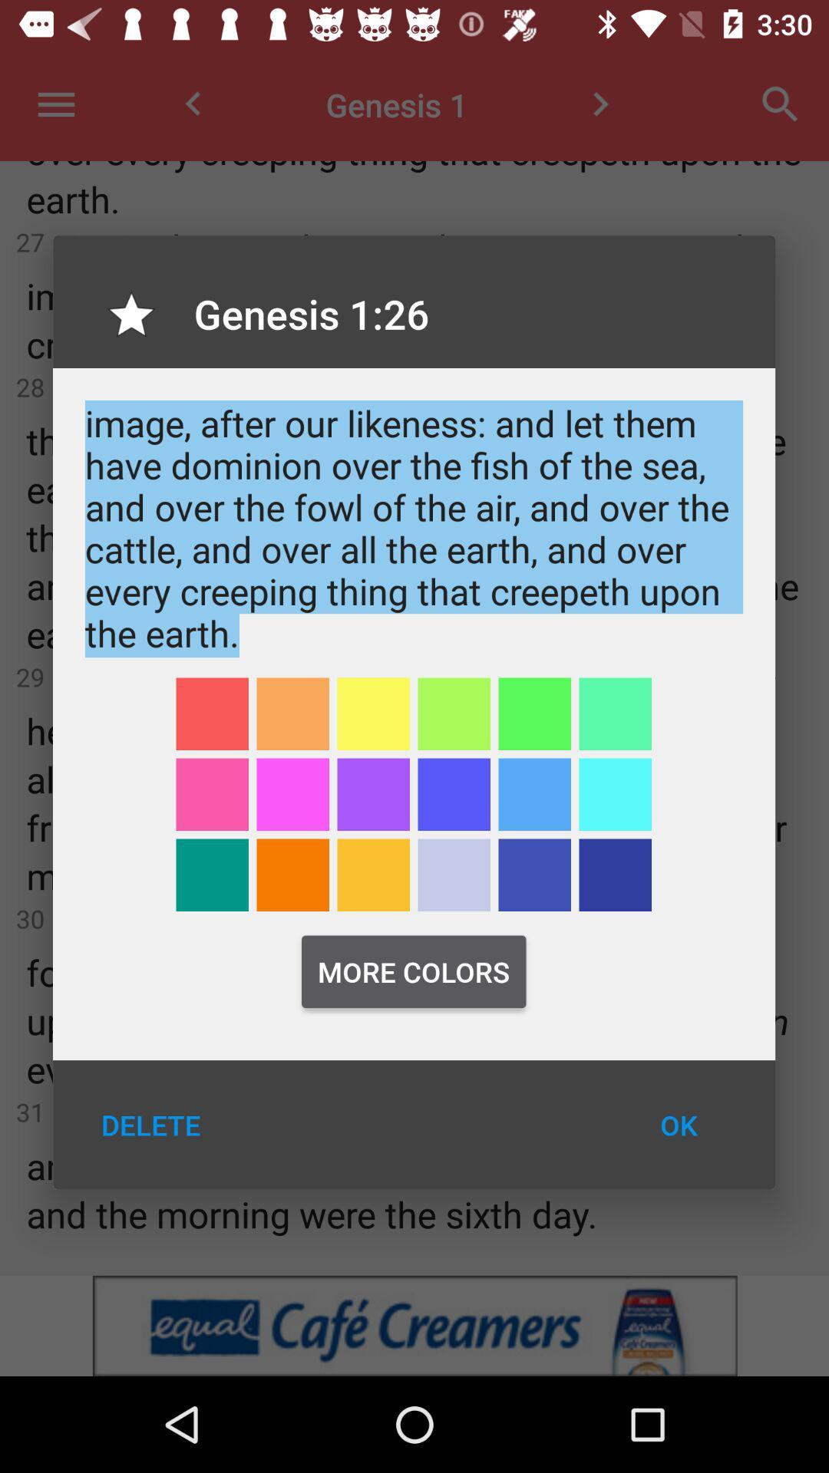 The height and width of the screenshot is (1473, 829). Describe the element at coordinates (292, 713) in the screenshot. I see `orange` at that location.